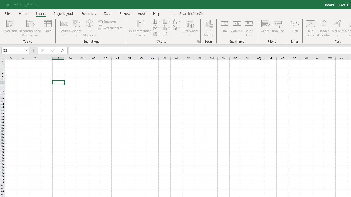 The image size is (351, 197). Describe the element at coordinates (107, 21) in the screenshot. I see `'SmartArt...'` at that location.